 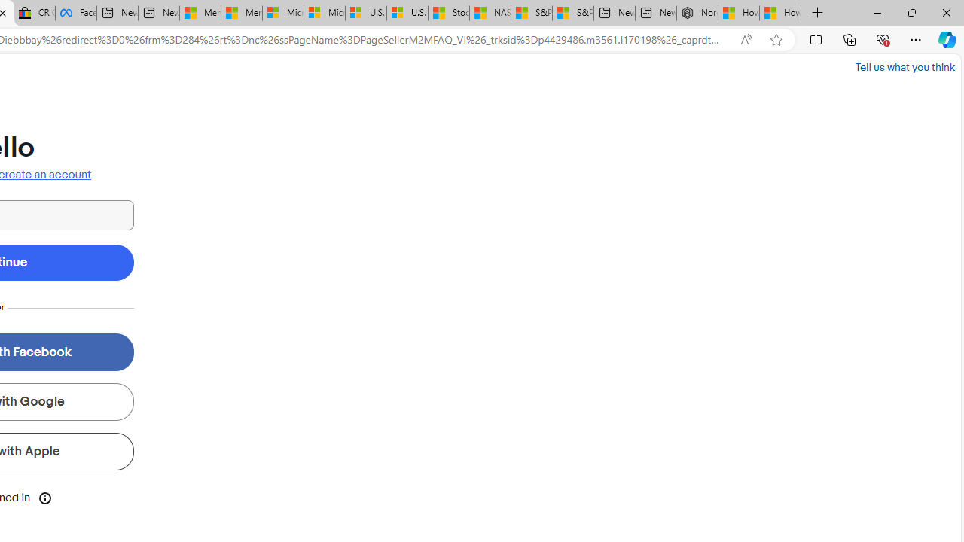 I want to click on 'S&P 500, Nasdaq end lower, weighed by Nvidia dip | Watch', so click(x=572, y=13).